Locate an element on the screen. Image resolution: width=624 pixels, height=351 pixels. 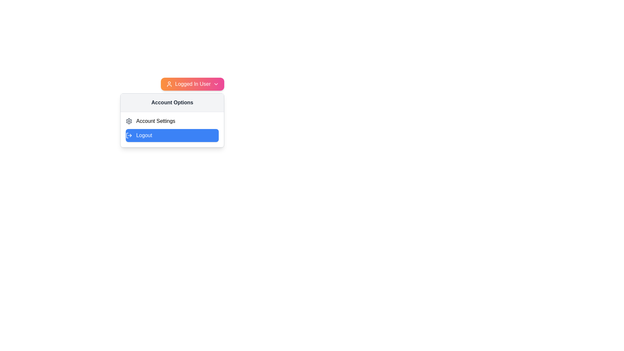
the 'Account Settings' text label in the dropdown menu is located at coordinates (155, 121).